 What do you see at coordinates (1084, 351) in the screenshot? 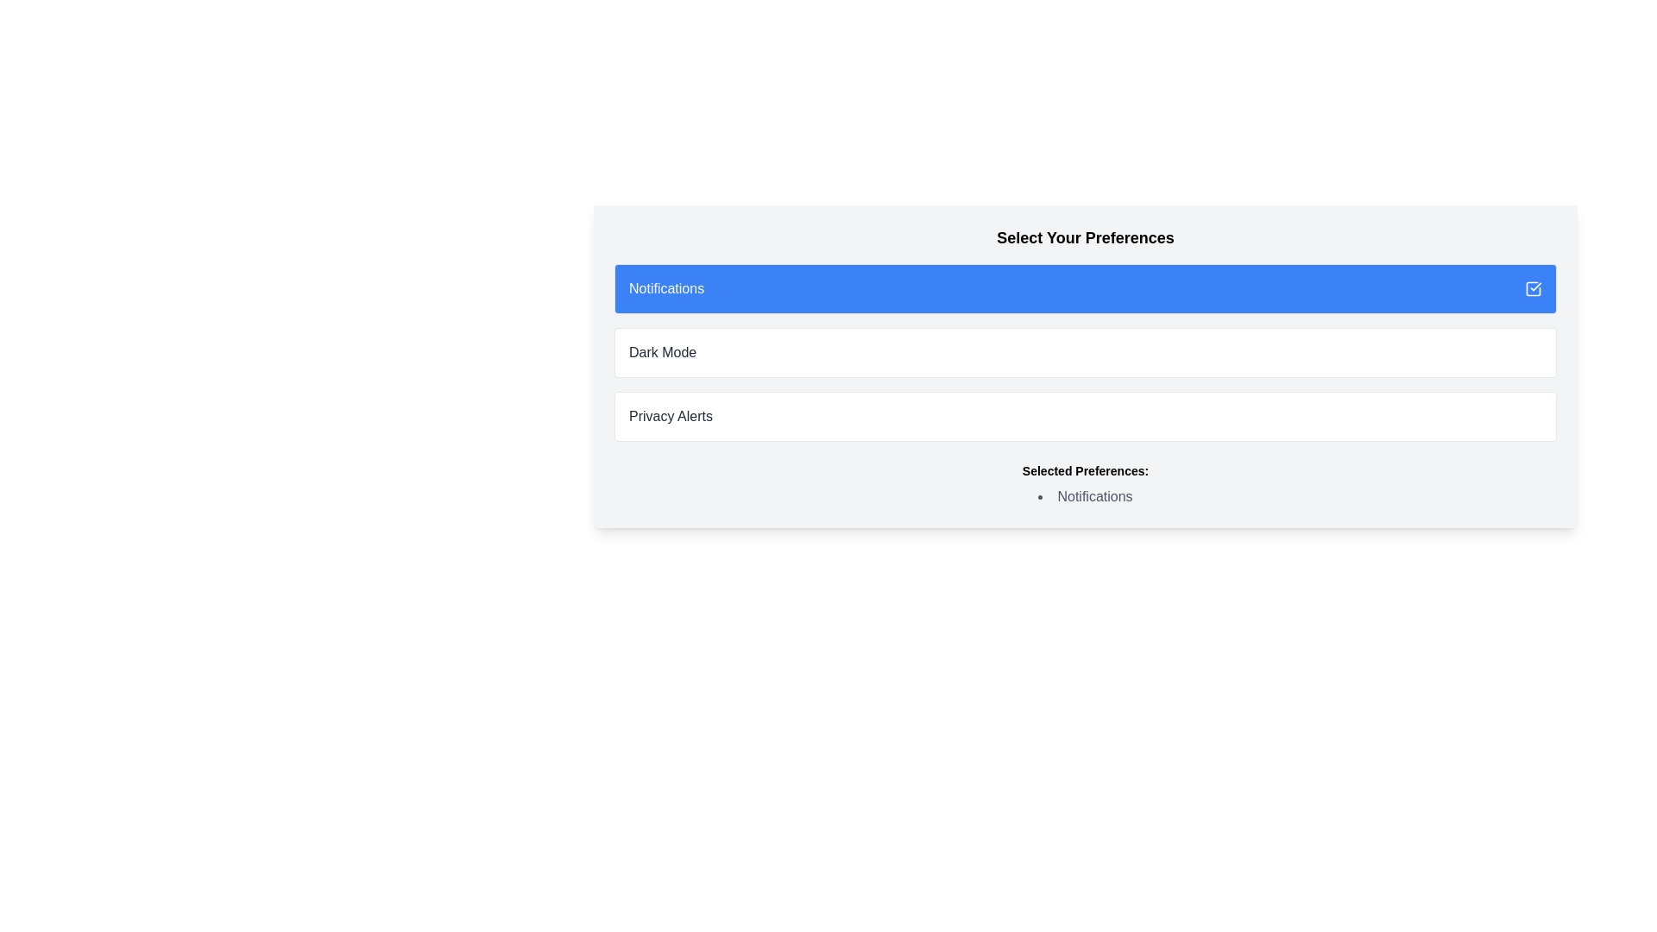
I see `the 'Dark Mode' button, which is the second option under 'Select Your Preferences', located between 'Notifications' and 'Privacy Alerts'` at bounding box center [1084, 351].